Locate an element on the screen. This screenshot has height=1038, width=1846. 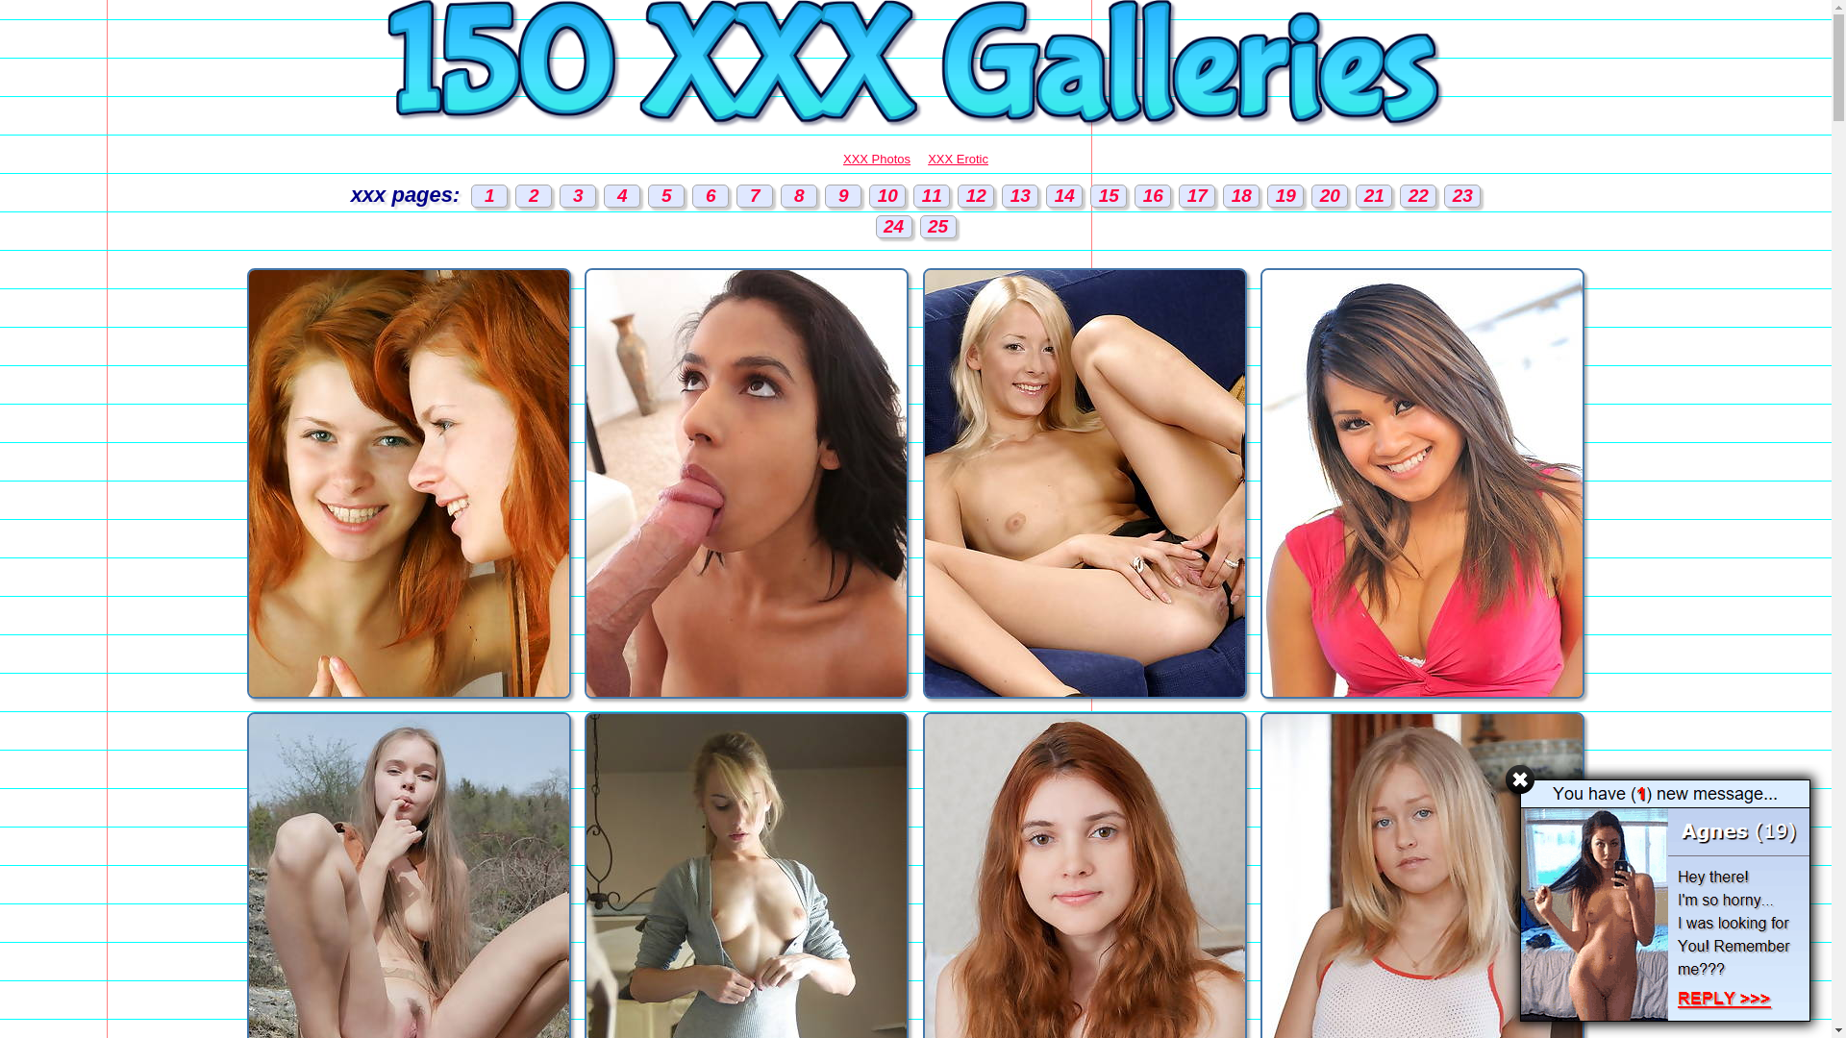
'17' is located at coordinates (1195, 196).